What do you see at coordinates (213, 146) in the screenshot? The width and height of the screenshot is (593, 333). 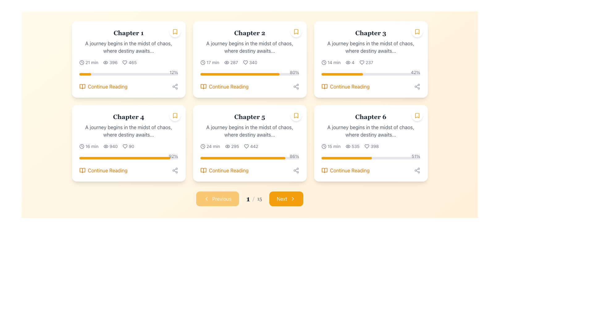 I see `the static text label displaying '24 min' located in the bottom section of the 'Chapter 5' card, adjacent to a clock icon` at bounding box center [213, 146].